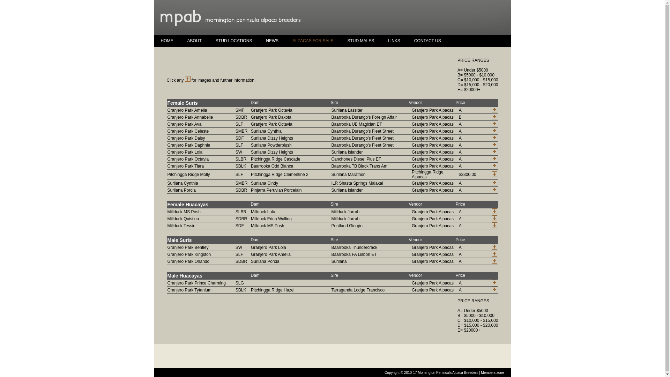 Image resolution: width=670 pixels, height=377 pixels. I want to click on 'HOME', so click(166, 40).